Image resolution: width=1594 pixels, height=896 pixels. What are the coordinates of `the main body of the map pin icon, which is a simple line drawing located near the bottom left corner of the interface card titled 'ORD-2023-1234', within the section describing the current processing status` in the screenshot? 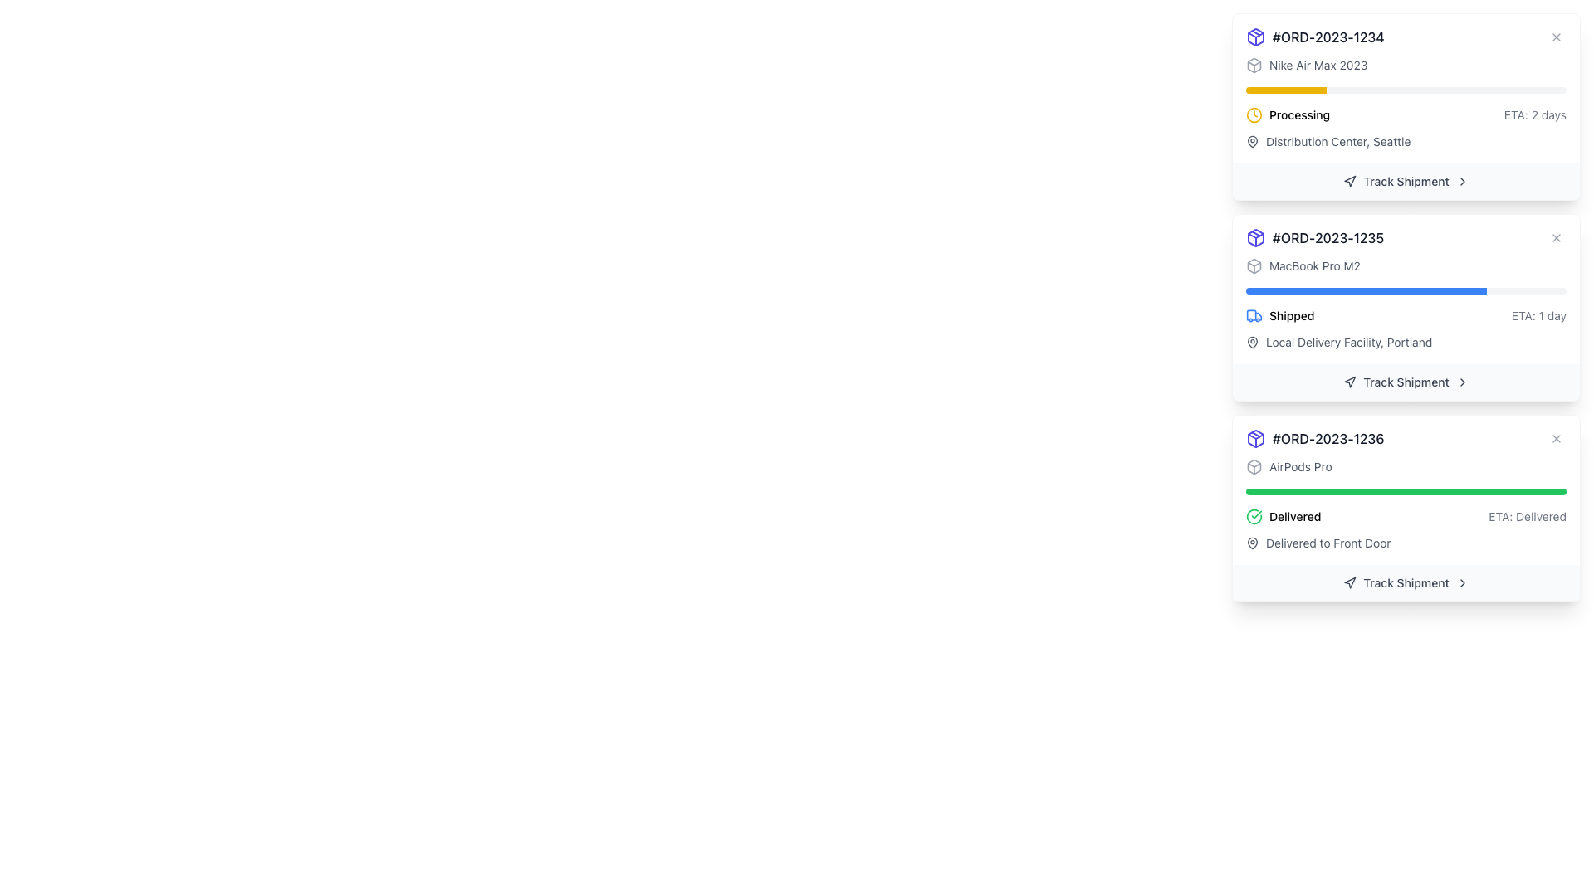 It's located at (1252, 341).